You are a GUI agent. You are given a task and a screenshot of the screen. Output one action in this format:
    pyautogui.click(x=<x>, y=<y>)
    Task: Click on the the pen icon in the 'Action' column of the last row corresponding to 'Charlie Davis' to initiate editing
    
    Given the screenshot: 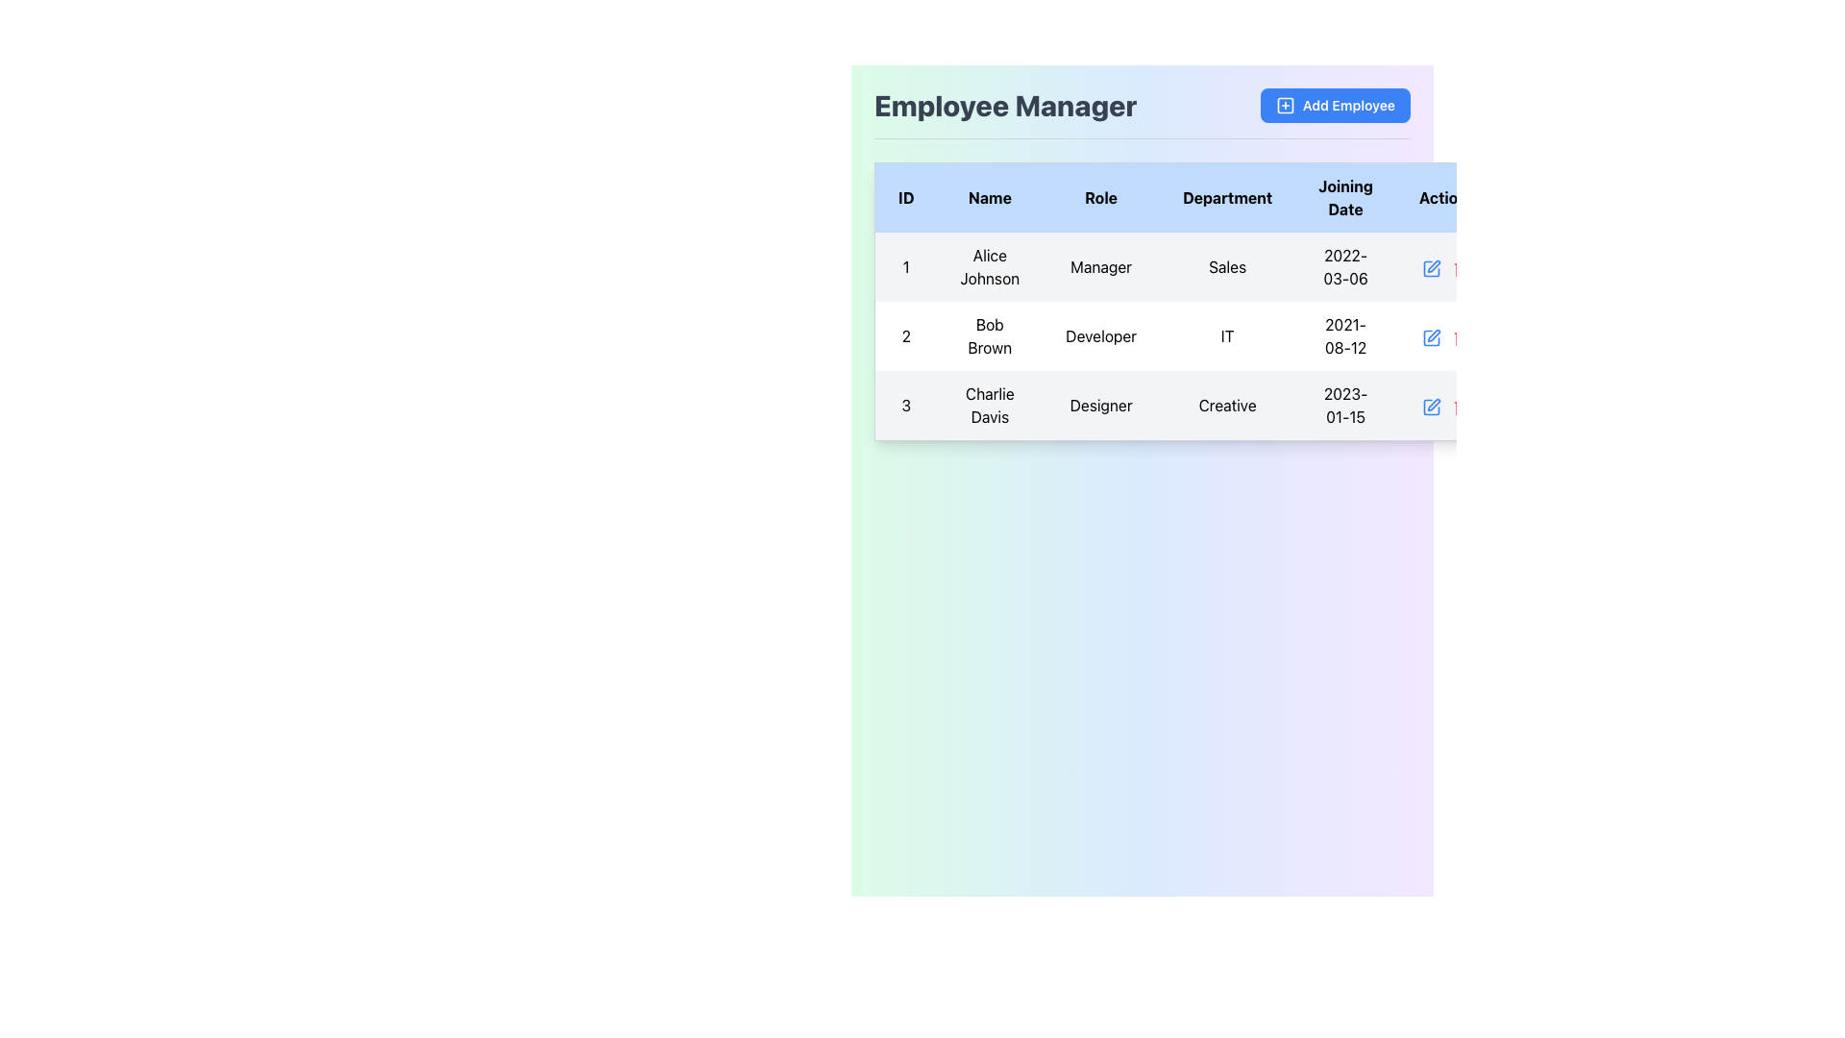 What is the action you would take?
    pyautogui.click(x=1434, y=404)
    